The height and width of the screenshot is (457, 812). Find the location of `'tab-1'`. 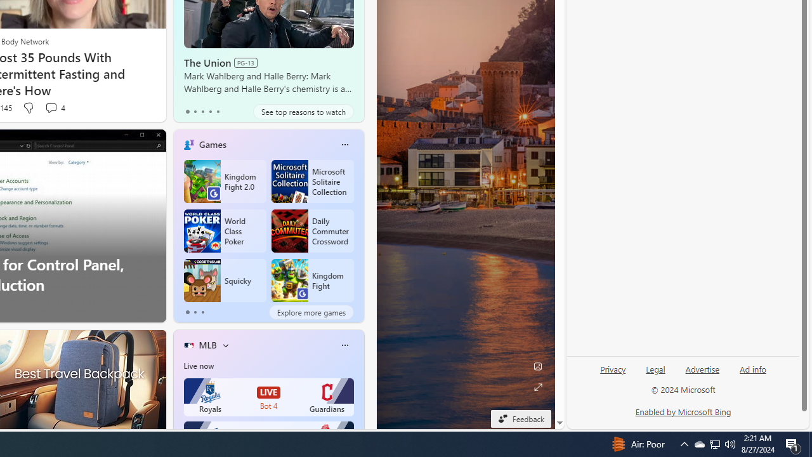

'tab-1' is located at coordinates (194, 312).